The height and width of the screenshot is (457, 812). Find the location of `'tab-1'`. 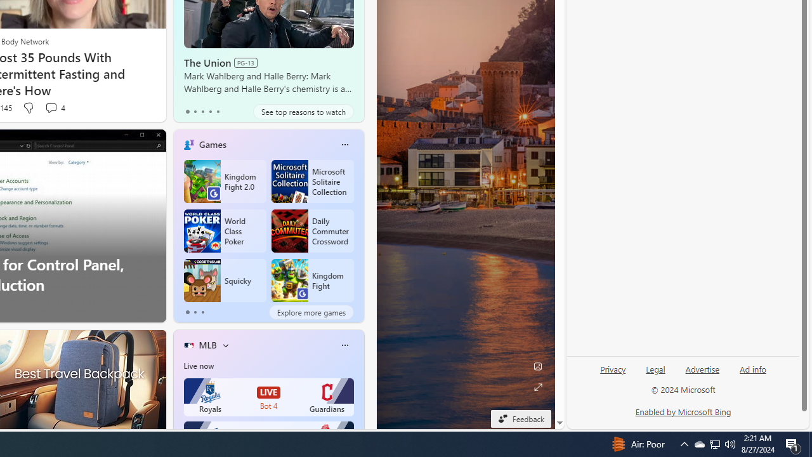

'tab-1' is located at coordinates (194, 312).